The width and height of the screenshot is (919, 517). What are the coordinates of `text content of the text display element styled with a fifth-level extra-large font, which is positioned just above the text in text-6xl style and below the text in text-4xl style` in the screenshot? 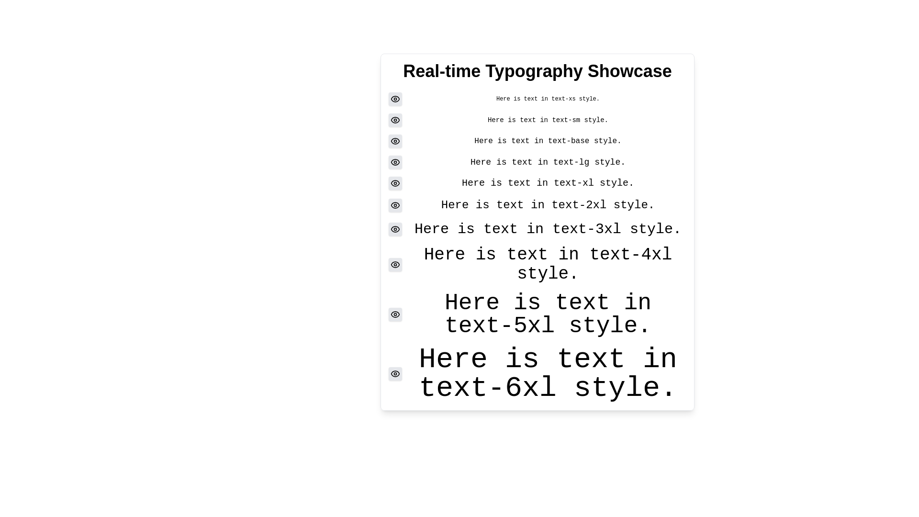 It's located at (538, 314).